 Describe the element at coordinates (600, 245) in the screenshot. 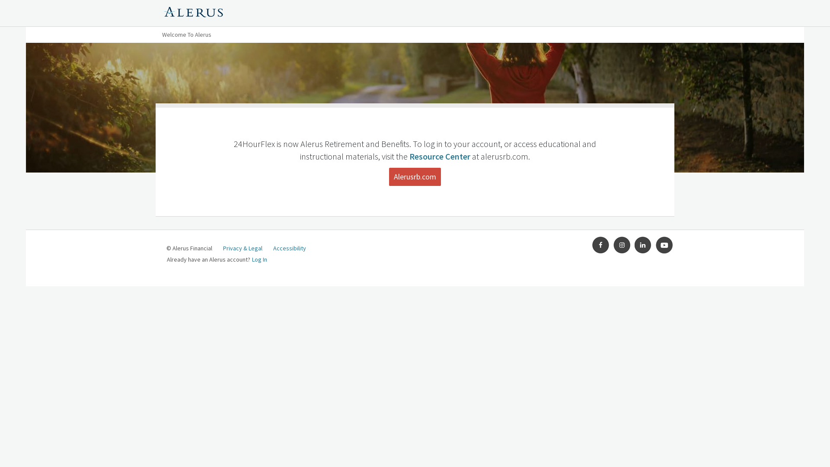

I see `'Facebook'` at that location.